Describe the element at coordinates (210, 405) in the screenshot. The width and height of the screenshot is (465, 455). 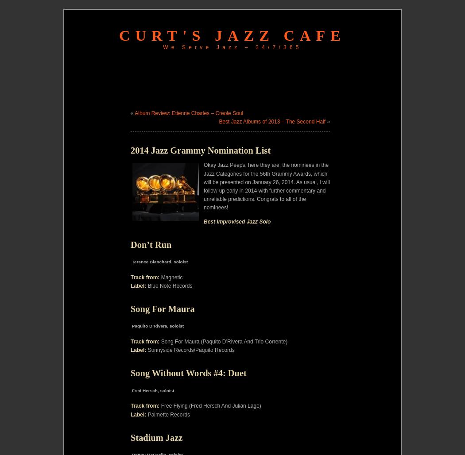
I see `'Free Flying (Fred Hersch And Julian Lage)'` at that location.